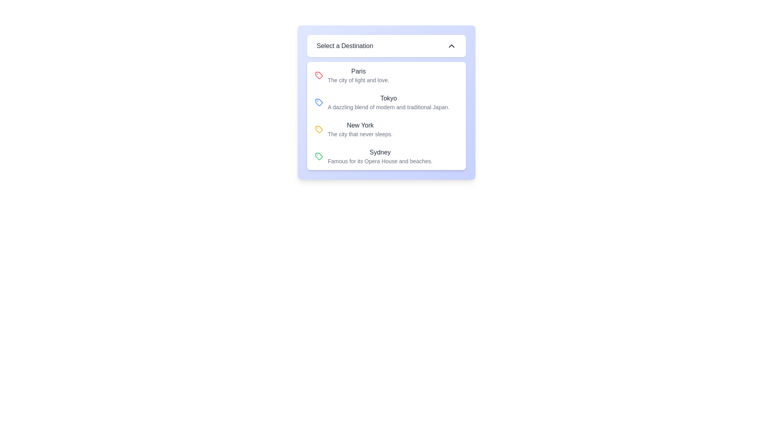  I want to click on the text label that reads 'Paris' in a bold, dark gray font, located within the dropdown list under 'Select a Destination', which is the first item in the list, so click(358, 75).